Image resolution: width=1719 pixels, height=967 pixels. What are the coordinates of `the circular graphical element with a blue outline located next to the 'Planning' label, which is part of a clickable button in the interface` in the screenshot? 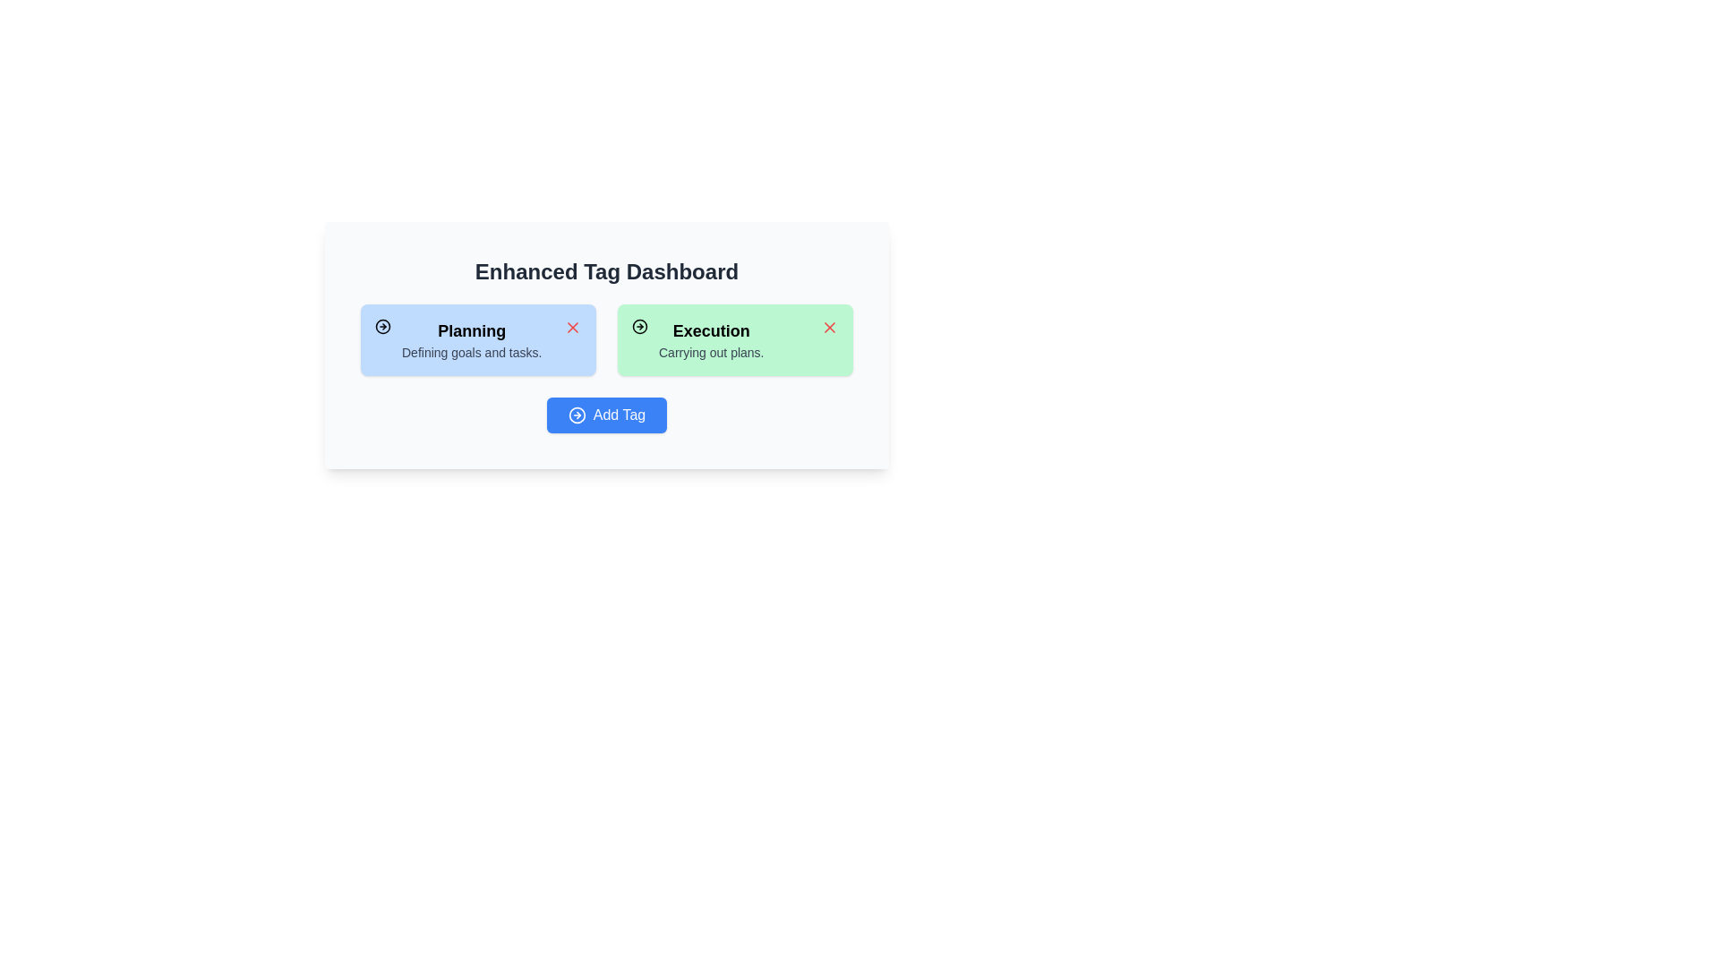 It's located at (577, 415).